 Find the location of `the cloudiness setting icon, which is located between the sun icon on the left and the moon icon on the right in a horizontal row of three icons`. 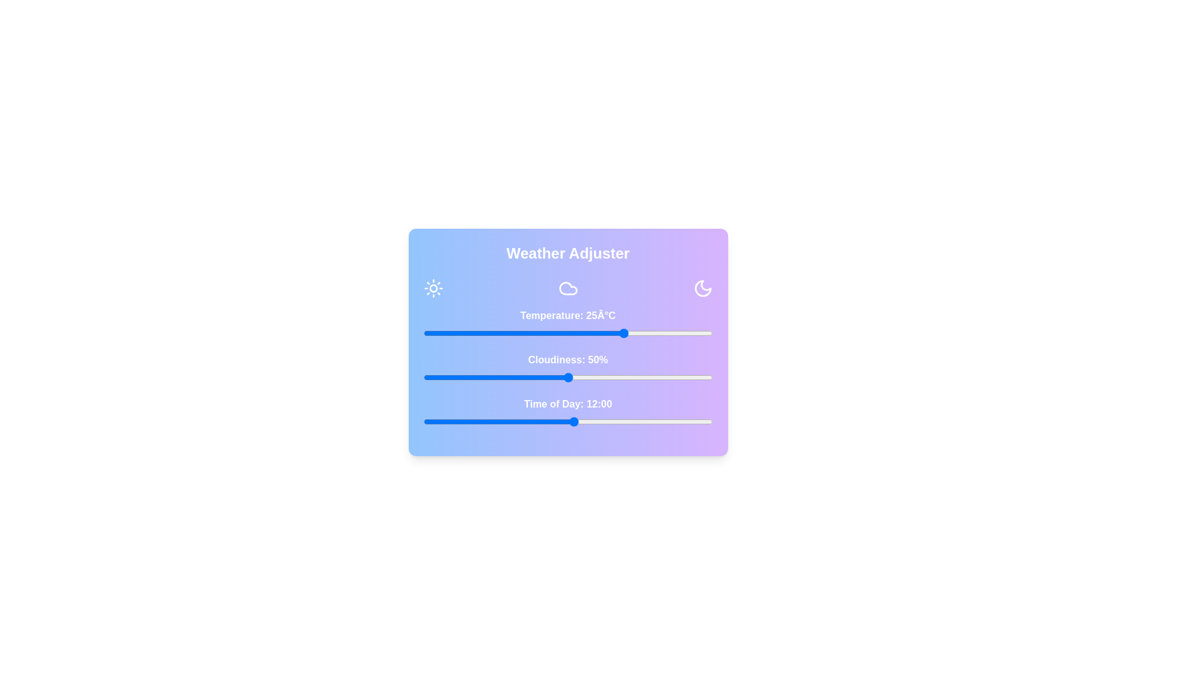

the cloudiness setting icon, which is located between the sun icon on the left and the moon icon on the right in a horizontal row of three icons is located at coordinates (567, 288).